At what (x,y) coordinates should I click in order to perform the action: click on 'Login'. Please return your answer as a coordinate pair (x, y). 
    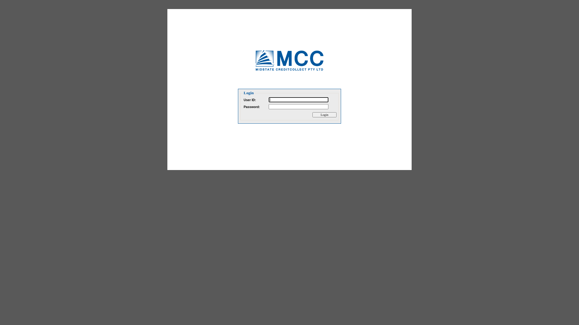
    Looking at the image, I should click on (324, 115).